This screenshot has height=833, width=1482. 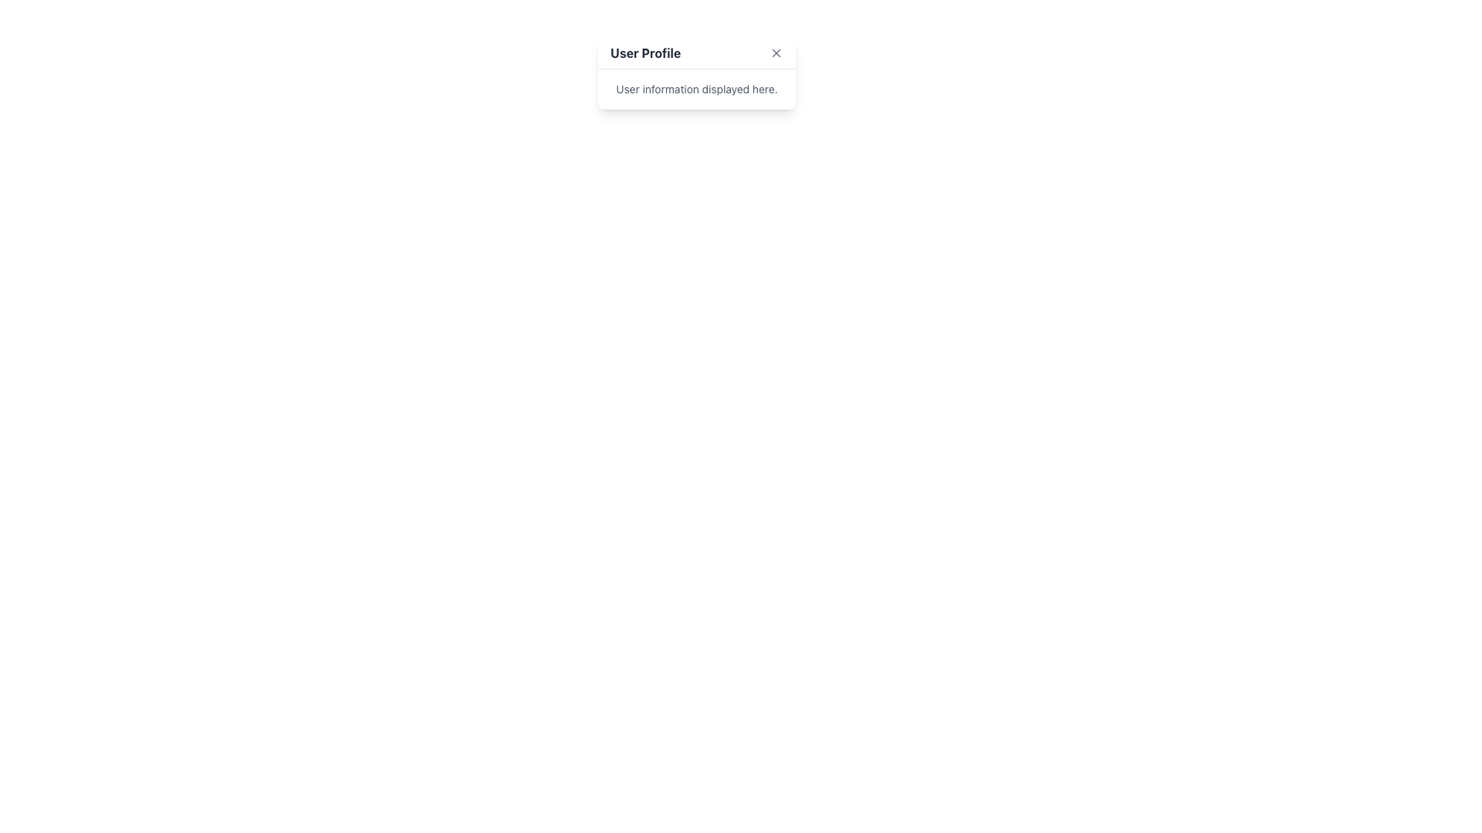 What do you see at coordinates (695, 89) in the screenshot?
I see `the static text display that reads 'User information displayed here.' located below the 'User Profile' title` at bounding box center [695, 89].